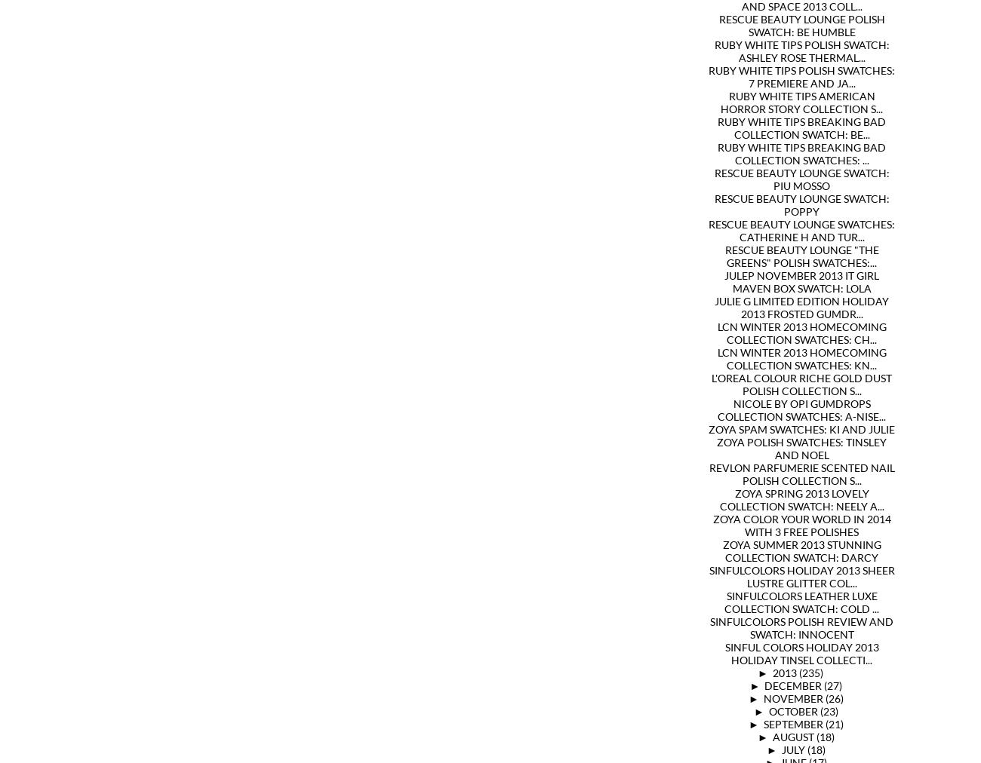 Image resolution: width=981 pixels, height=763 pixels. I want to click on '(23)', so click(827, 711).